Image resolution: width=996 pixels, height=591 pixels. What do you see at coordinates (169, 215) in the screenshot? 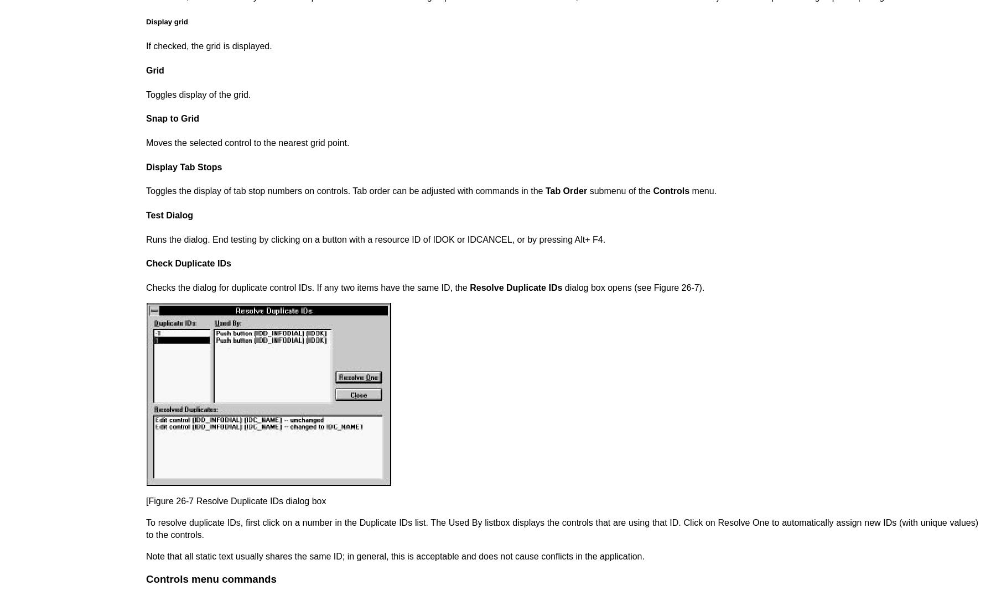
I see `'Test Dialog'` at bounding box center [169, 215].